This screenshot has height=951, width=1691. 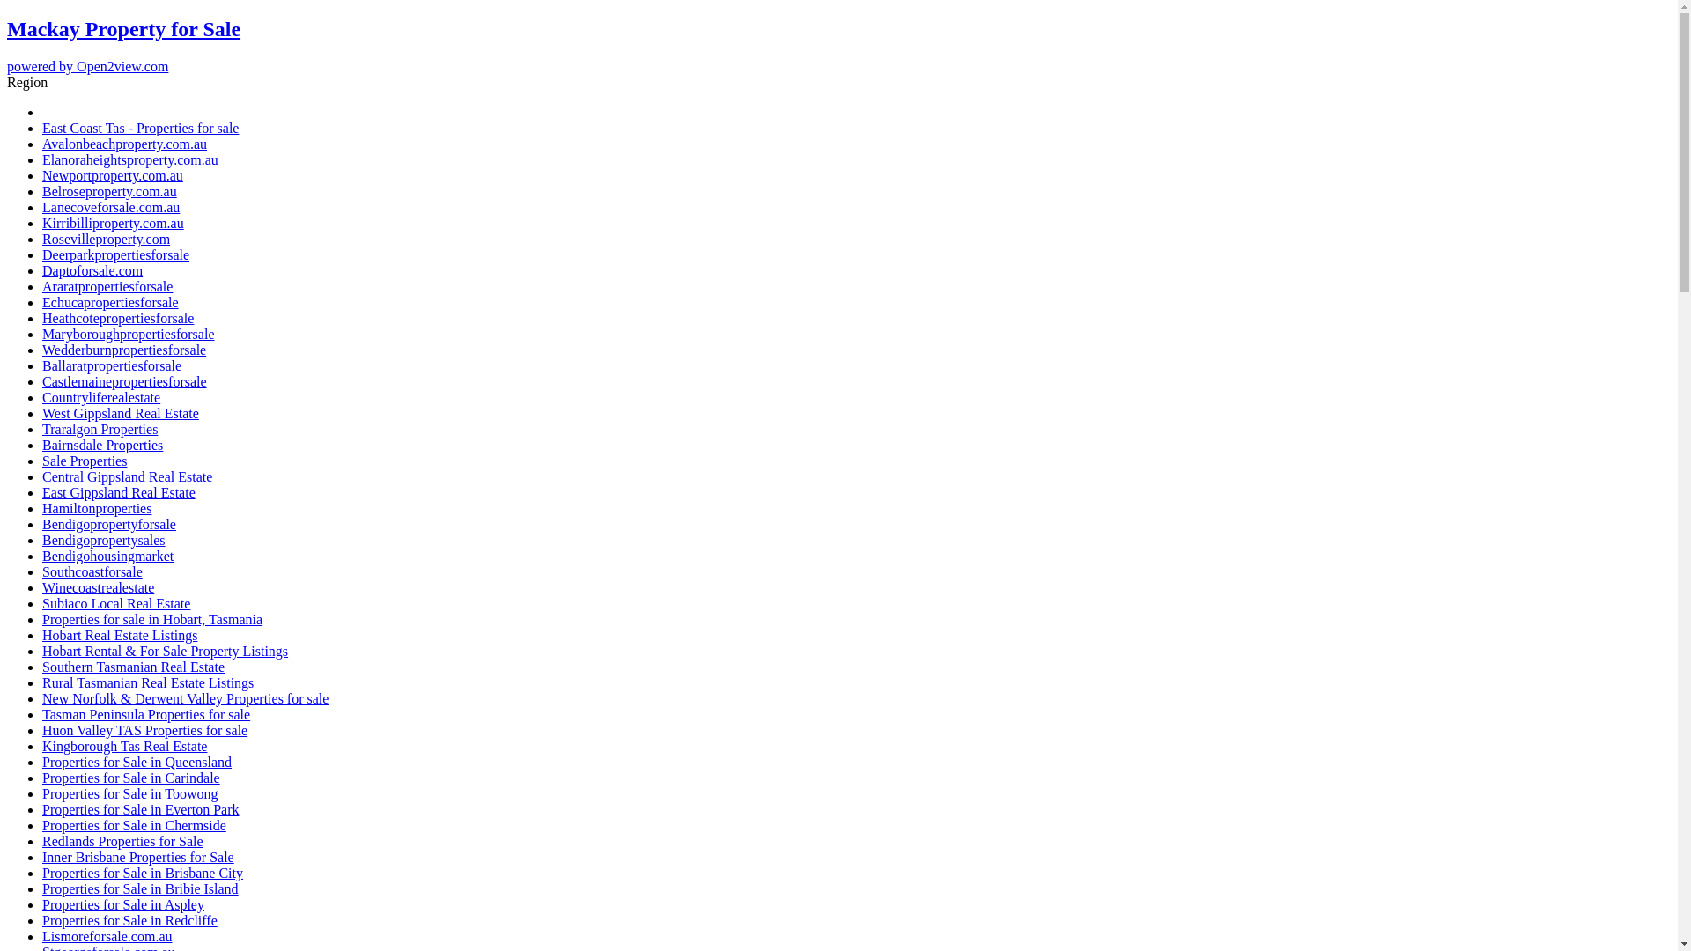 What do you see at coordinates (42, 523) in the screenshot?
I see `'Bendigopropertyforsale'` at bounding box center [42, 523].